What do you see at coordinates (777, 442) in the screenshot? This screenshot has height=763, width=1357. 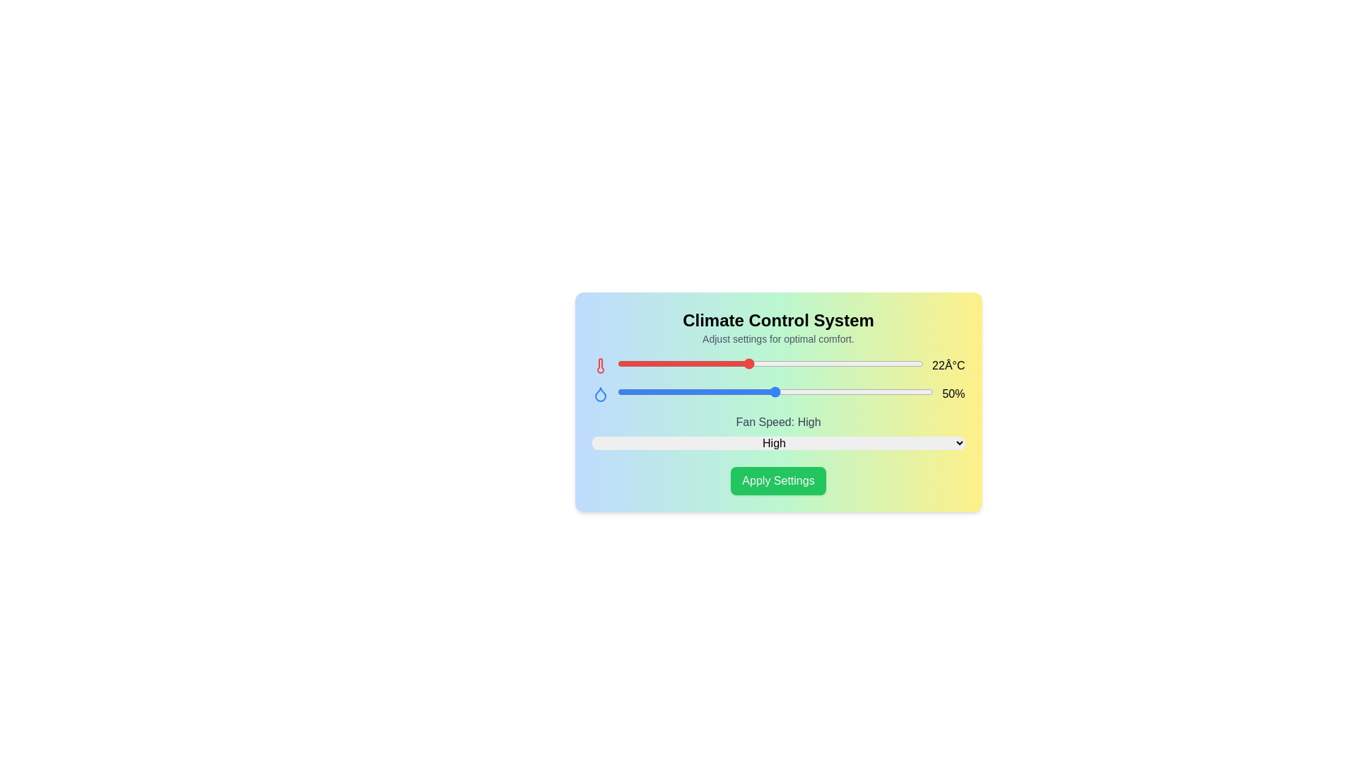 I see `the fan speed to Medium using the dropdown menu` at bounding box center [777, 442].